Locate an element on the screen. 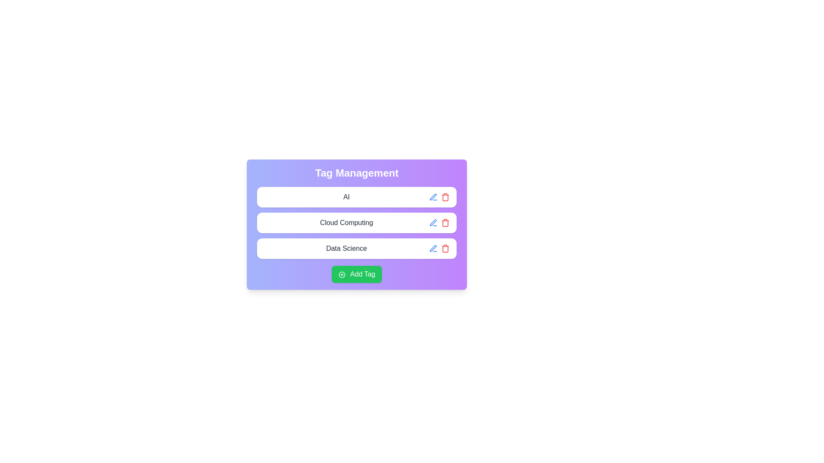 The height and width of the screenshot is (463, 824). the largest SVG circle element located within the 'Add Tag' button area at the bottom of the 'Tag Management' card is located at coordinates (341, 274).